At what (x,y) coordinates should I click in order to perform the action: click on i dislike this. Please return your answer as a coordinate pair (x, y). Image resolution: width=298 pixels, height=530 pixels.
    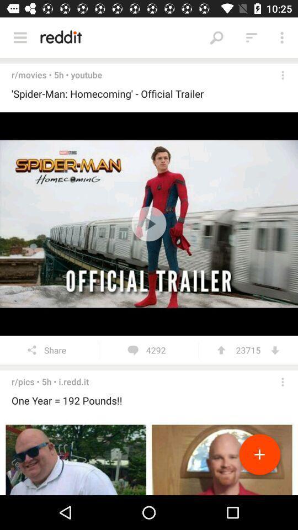
    Looking at the image, I should click on (274, 349).